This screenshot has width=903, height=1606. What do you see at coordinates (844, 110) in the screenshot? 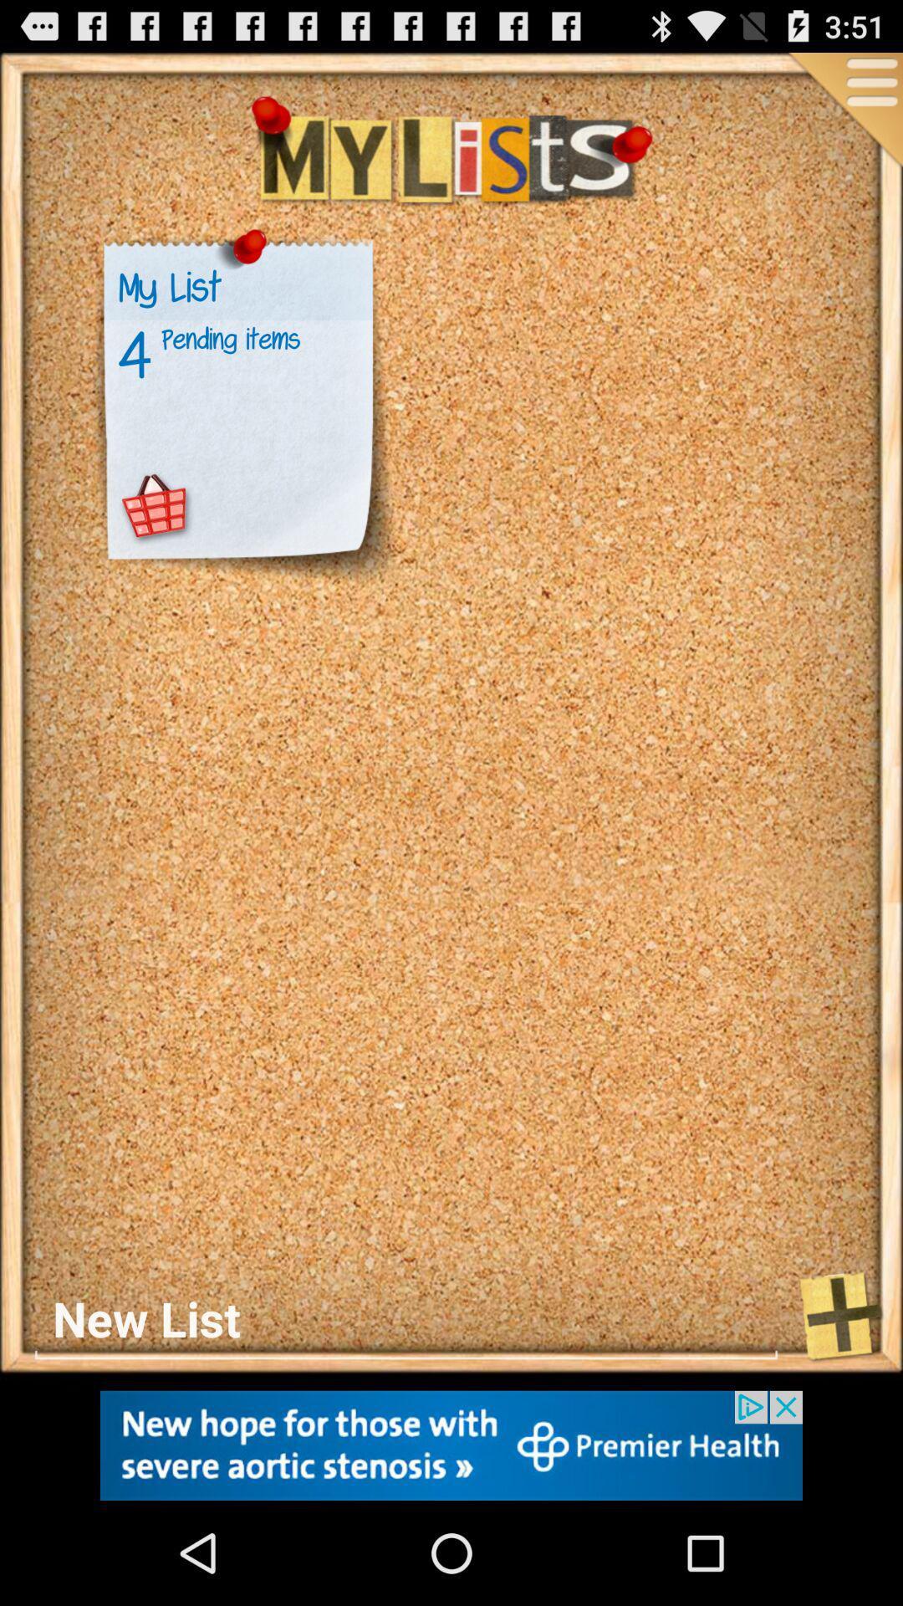
I see `more details` at bounding box center [844, 110].